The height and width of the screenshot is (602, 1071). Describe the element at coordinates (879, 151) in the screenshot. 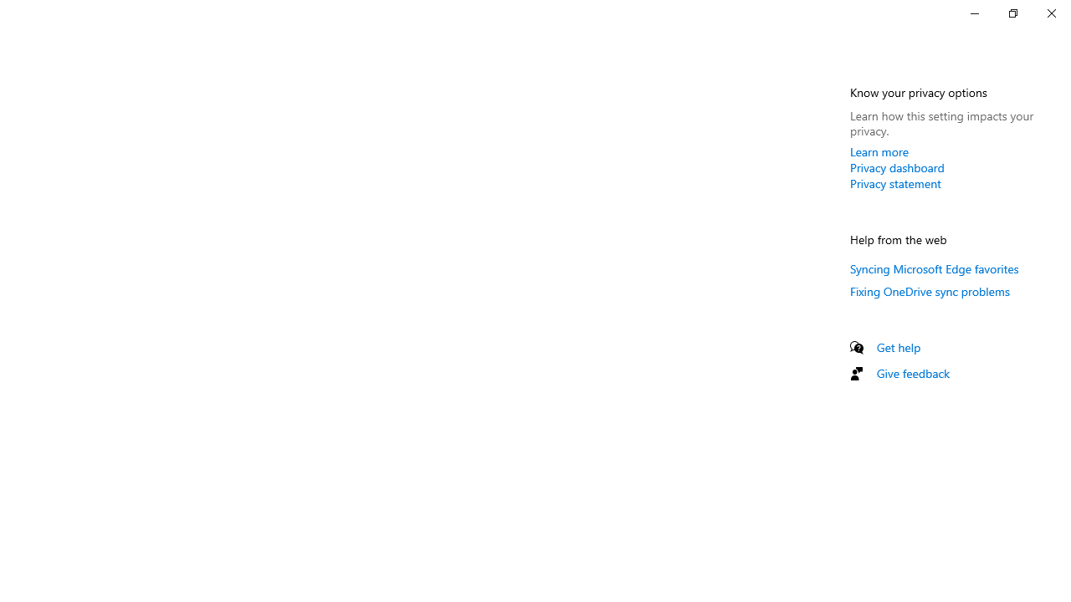

I see `'Learn more'` at that location.